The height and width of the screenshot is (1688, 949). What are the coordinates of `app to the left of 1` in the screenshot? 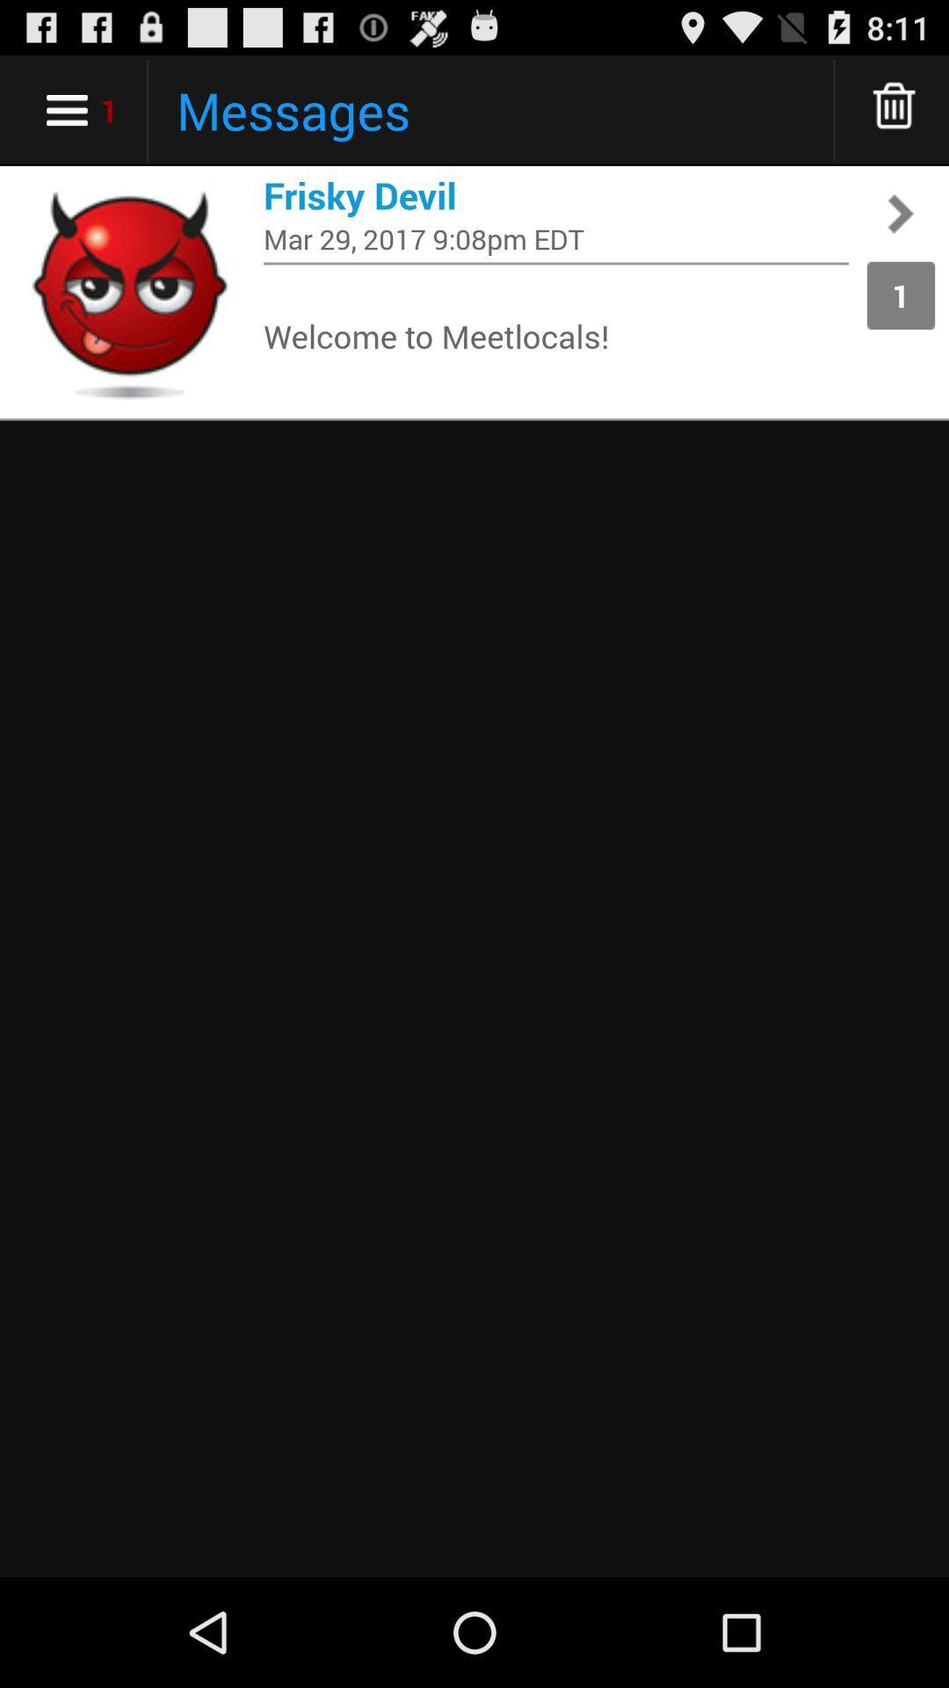 It's located at (555, 237).